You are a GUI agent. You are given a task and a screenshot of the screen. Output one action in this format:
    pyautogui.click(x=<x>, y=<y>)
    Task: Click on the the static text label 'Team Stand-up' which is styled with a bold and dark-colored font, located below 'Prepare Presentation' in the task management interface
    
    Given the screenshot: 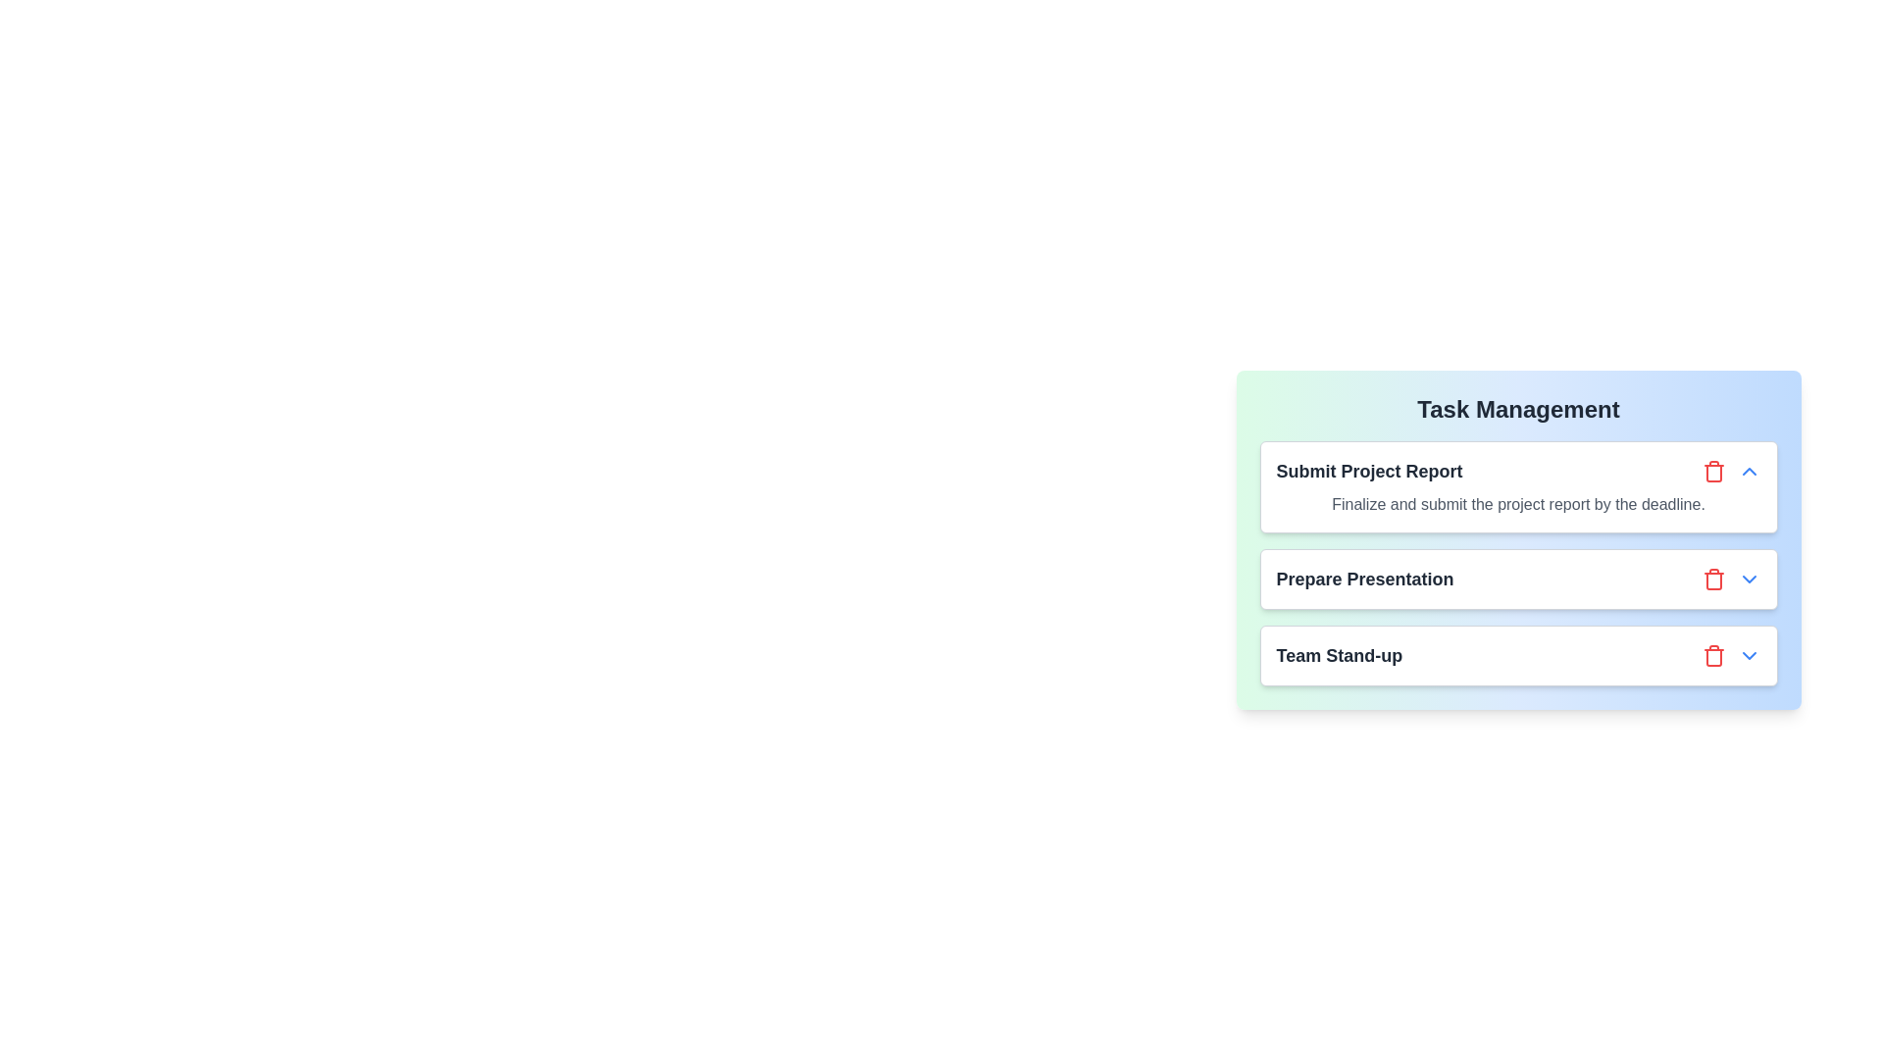 What is the action you would take?
    pyautogui.click(x=1338, y=655)
    